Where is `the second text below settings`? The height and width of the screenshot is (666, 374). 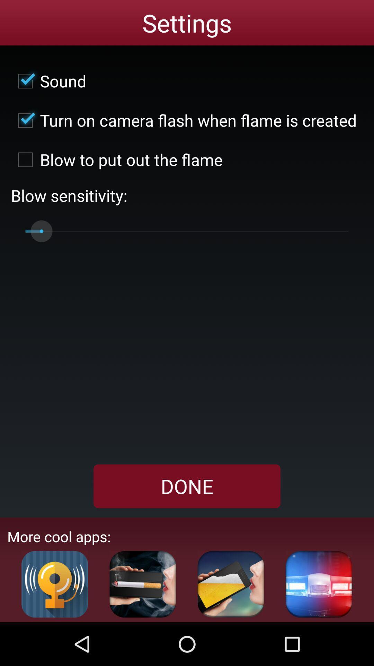
the second text below settings is located at coordinates (184, 120).